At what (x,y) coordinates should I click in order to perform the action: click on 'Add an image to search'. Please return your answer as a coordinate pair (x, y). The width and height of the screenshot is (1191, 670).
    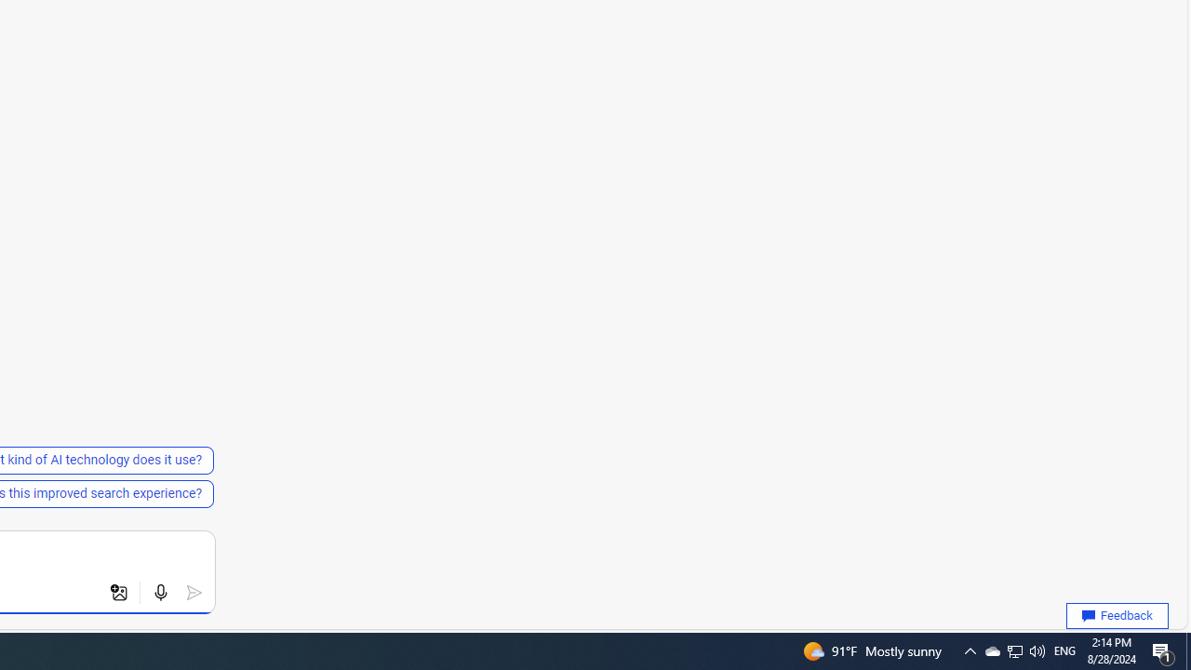
    Looking at the image, I should click on (118, 593).